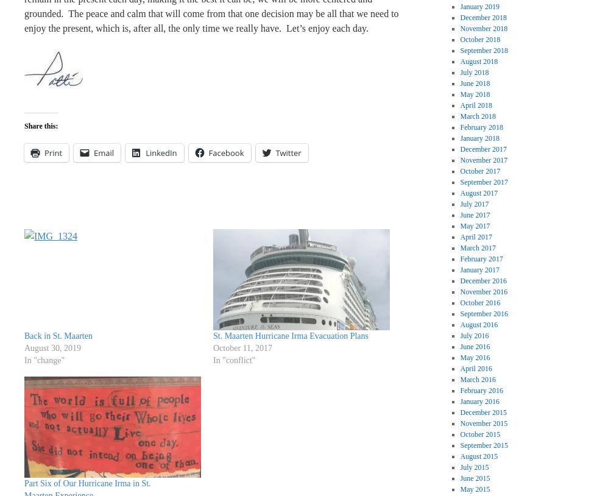 This screenshot has width=597, height=496. I want to click on 'September 2015', so click(483, 445).